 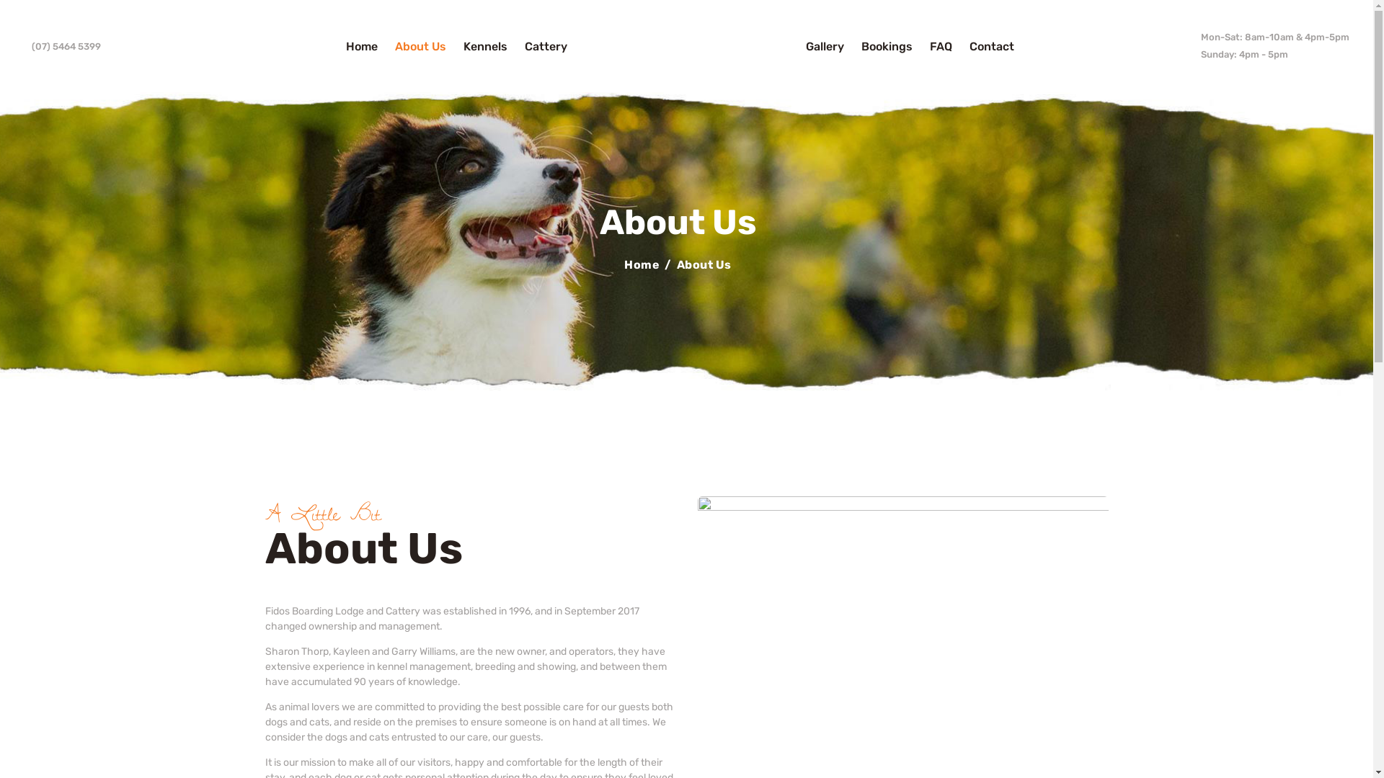 I want to click on 'About Us', so click(x=420, y=45).